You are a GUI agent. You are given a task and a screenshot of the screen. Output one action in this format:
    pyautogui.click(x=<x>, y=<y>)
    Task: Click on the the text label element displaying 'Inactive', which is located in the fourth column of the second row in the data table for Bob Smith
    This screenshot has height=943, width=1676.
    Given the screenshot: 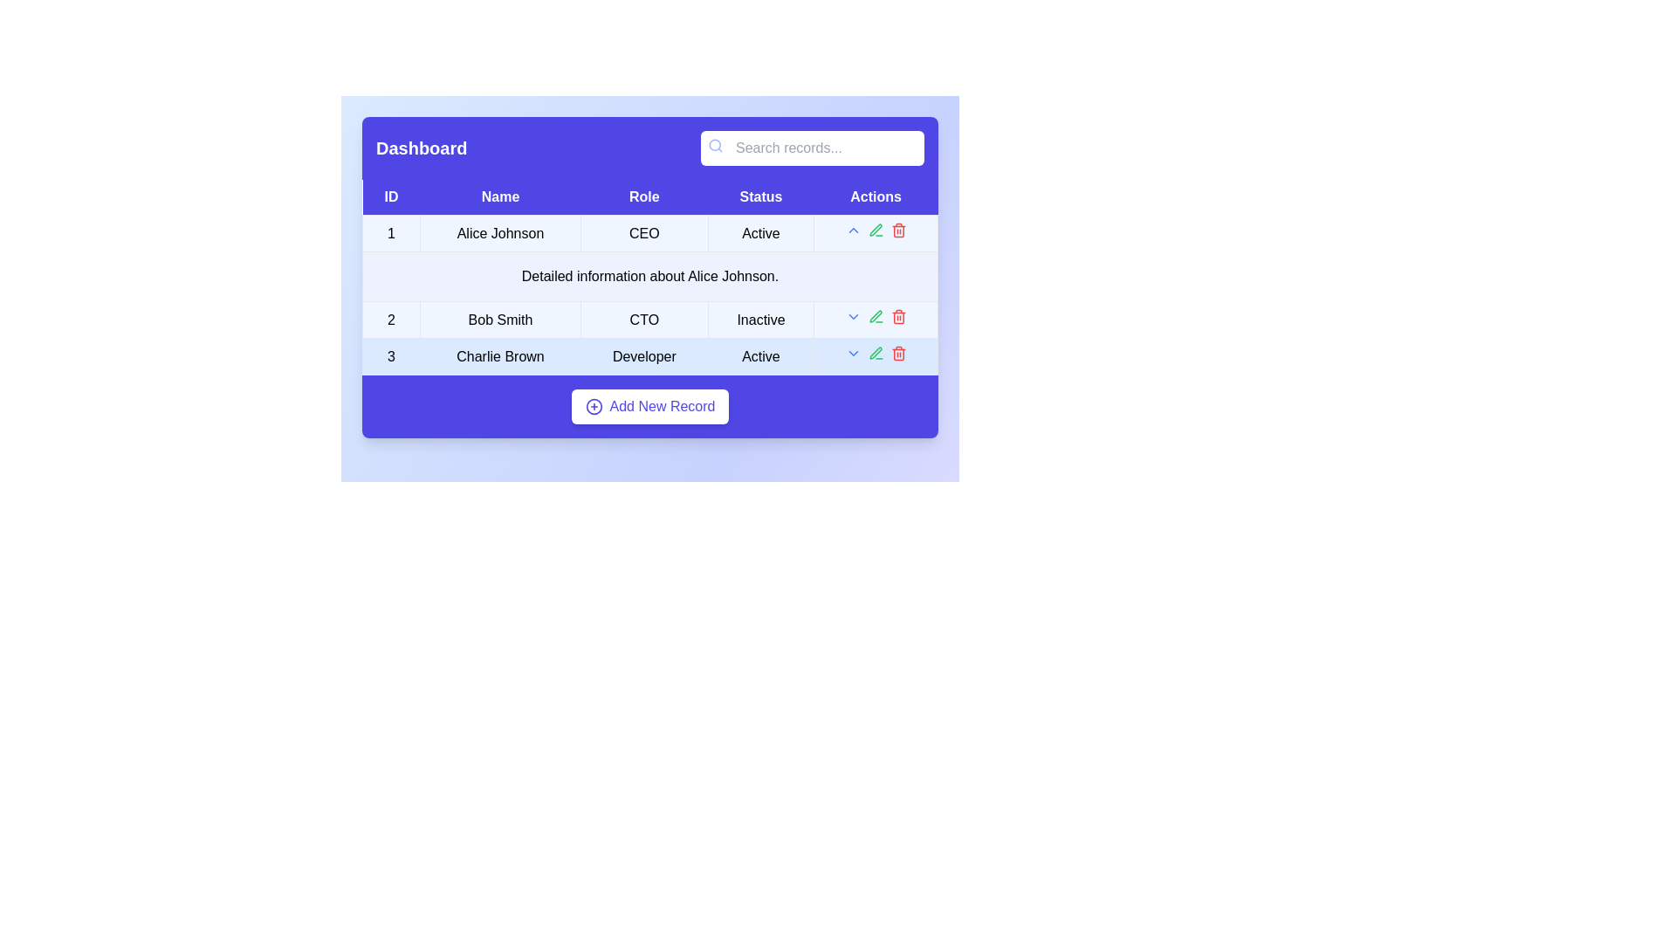 What is the action you would take?
    pyautogui.click(x=760, y=320)
    